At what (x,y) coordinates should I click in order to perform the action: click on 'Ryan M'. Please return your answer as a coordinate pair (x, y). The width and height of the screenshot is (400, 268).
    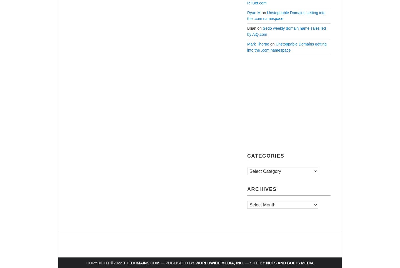
    Looking at the image, I should click on (254, 12).